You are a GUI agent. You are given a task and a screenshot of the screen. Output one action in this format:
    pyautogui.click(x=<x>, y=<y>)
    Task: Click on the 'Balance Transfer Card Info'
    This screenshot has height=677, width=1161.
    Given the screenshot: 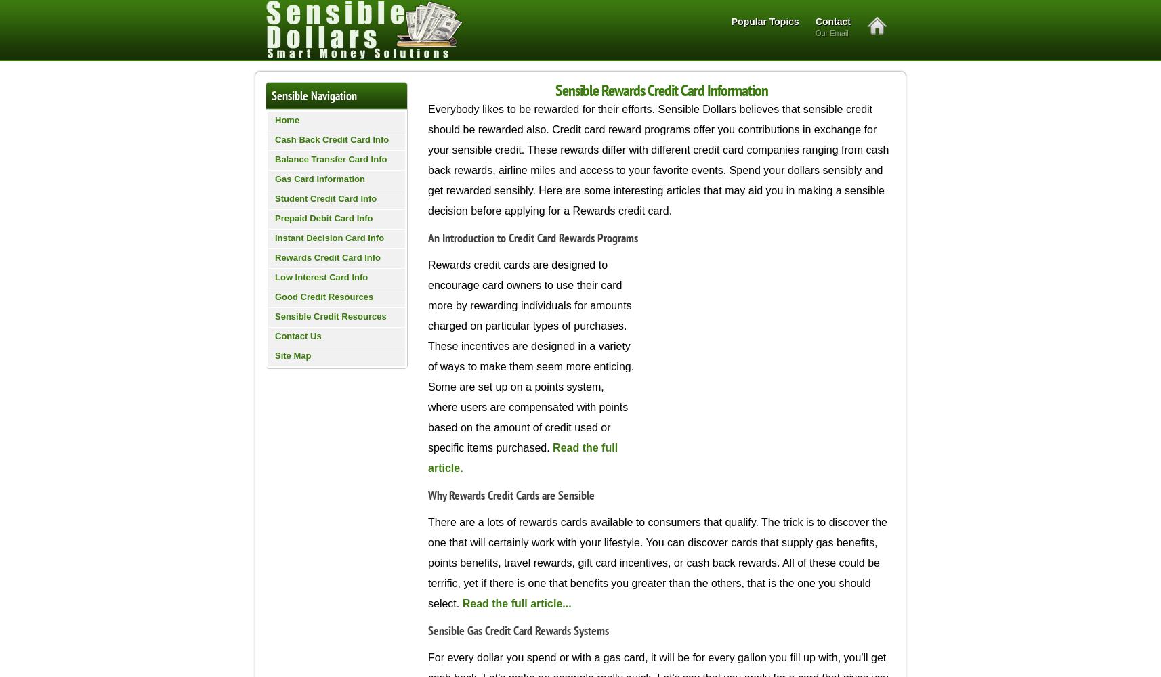 What is the action you would take?
    pyautogui.click(x=331, y=158)
    